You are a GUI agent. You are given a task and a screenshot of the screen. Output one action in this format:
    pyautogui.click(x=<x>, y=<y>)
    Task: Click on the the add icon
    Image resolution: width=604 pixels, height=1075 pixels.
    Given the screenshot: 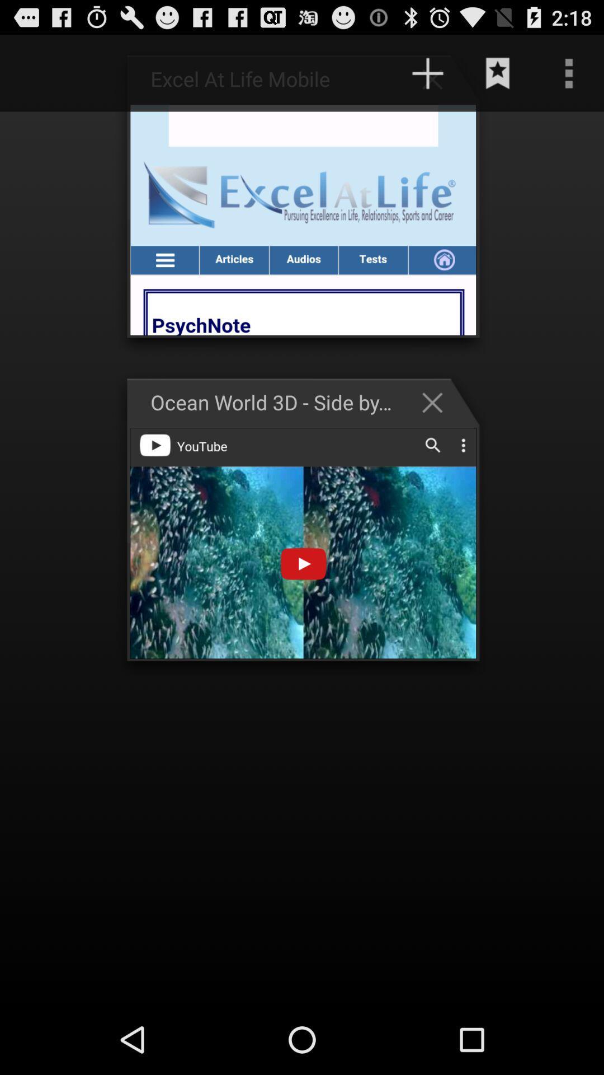 What is the action you would take?
    pyautogui.click(x=427, y=78)
    